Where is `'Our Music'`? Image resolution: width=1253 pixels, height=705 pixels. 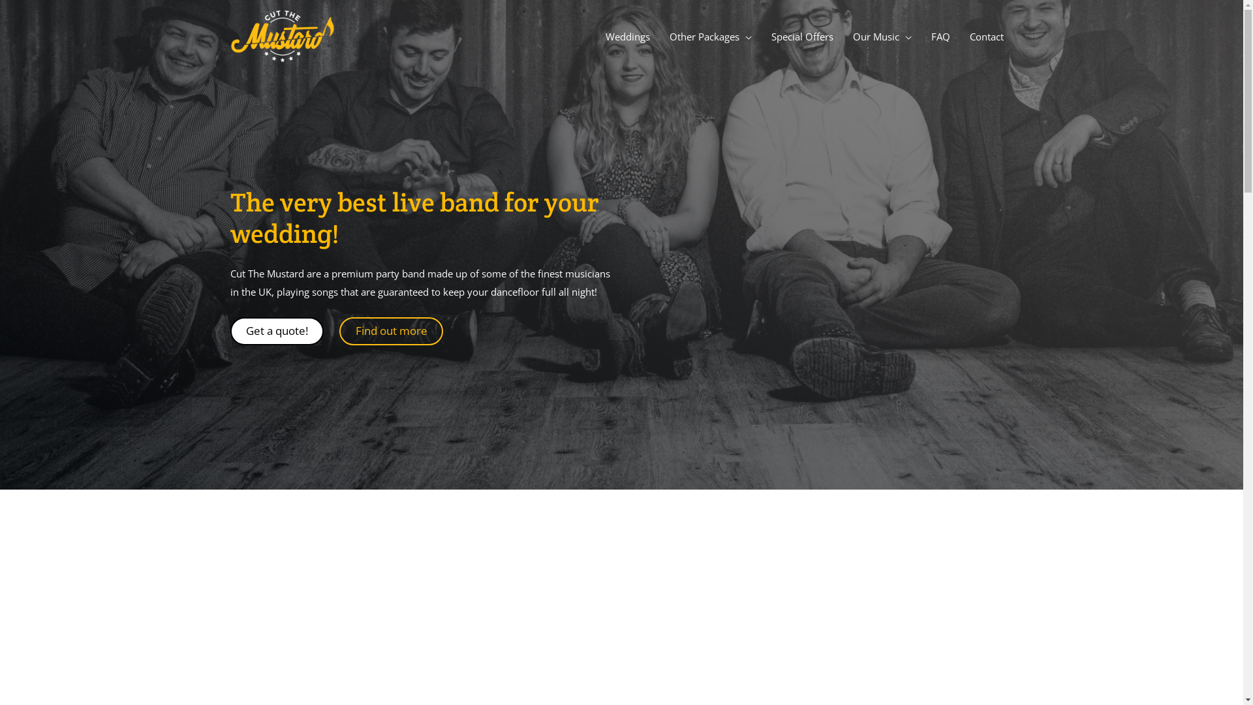 'Our Music' is located at coordinates (882, 35).